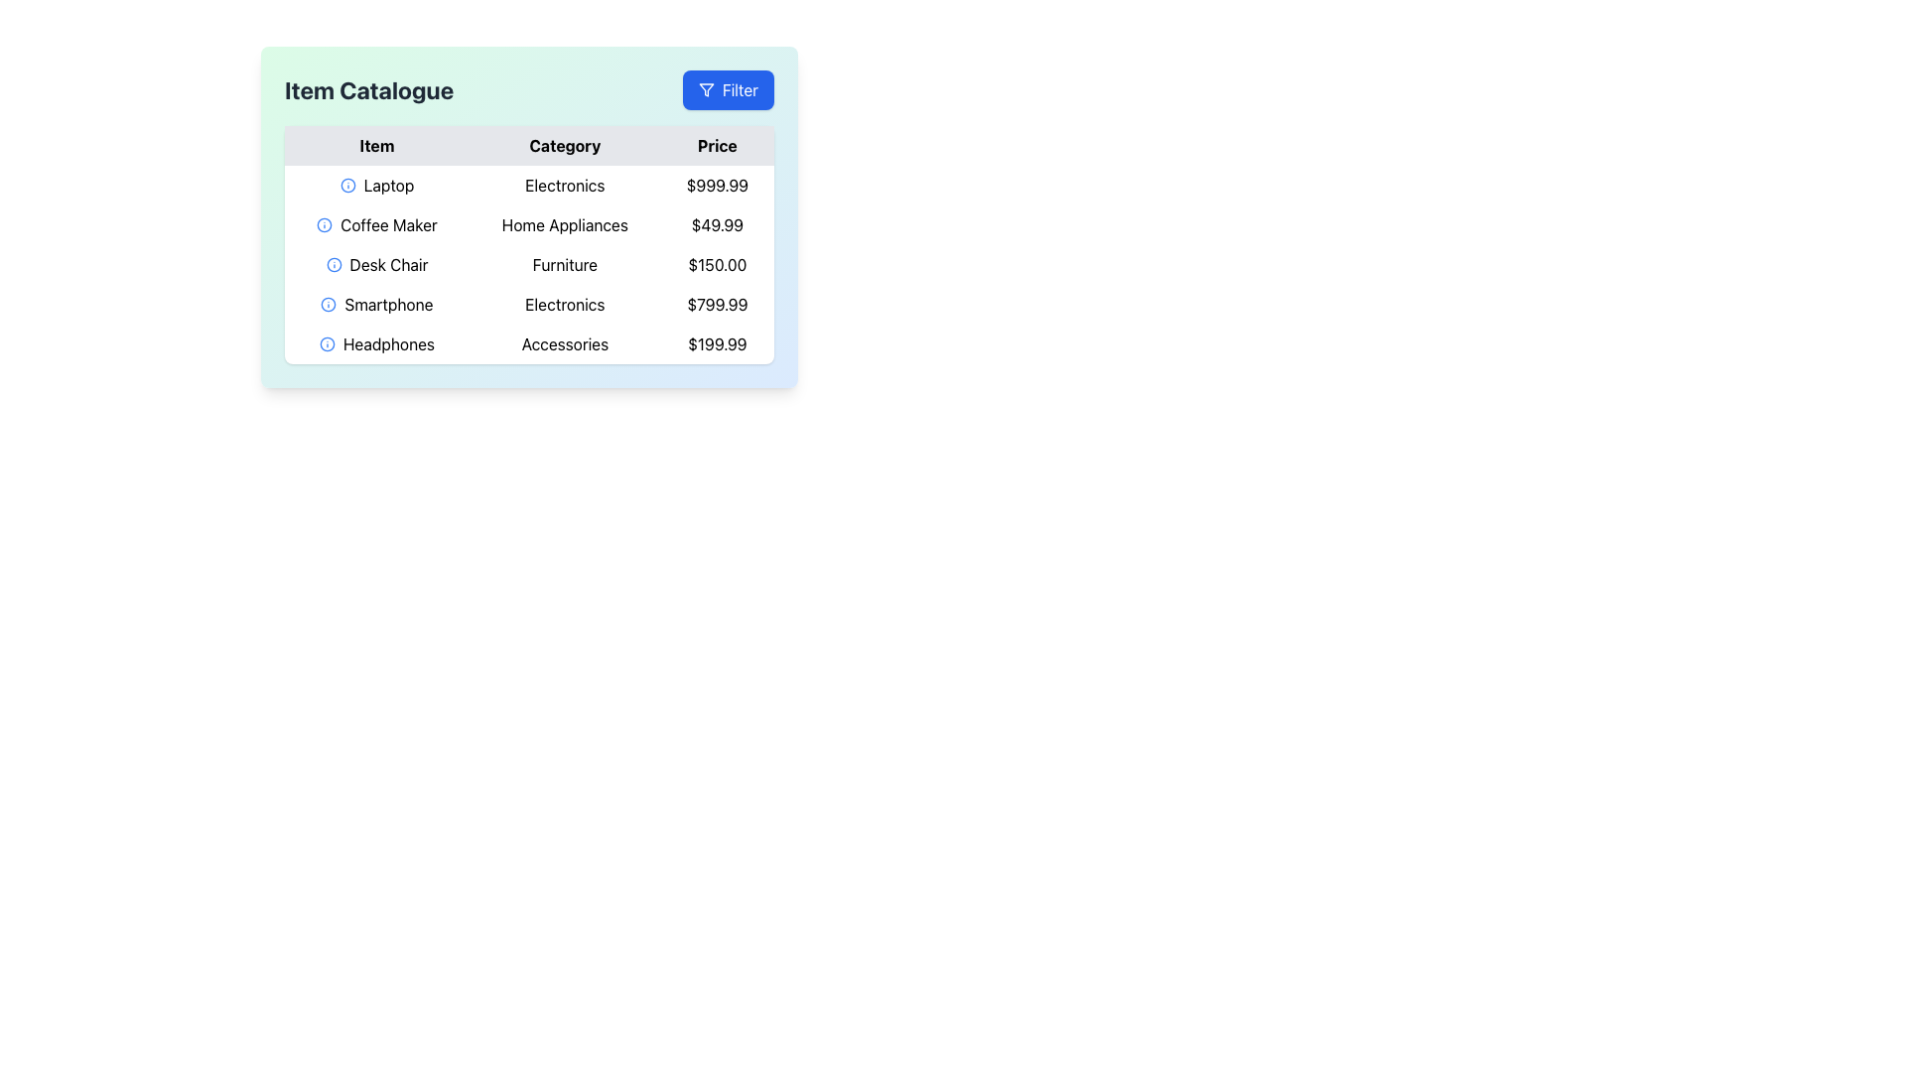 The height and width of the screenshot is (1072, 1906). Describe the element at coordinates (716, 144) in the screenshot. I see `text 'Price' from the column header that is bold and centered, located in the upper-right section of the table layout` at that location.